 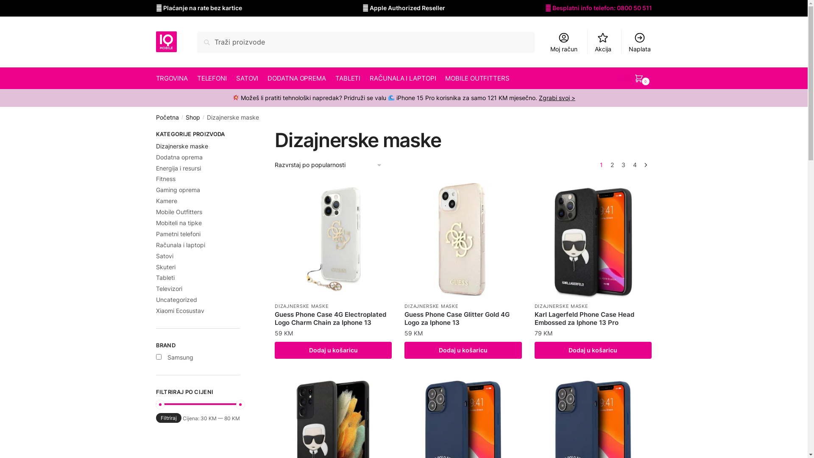 What do you see at coordinates (623, 165) in the screenshot?
I see `'3'` at bounding box center [623, 165].